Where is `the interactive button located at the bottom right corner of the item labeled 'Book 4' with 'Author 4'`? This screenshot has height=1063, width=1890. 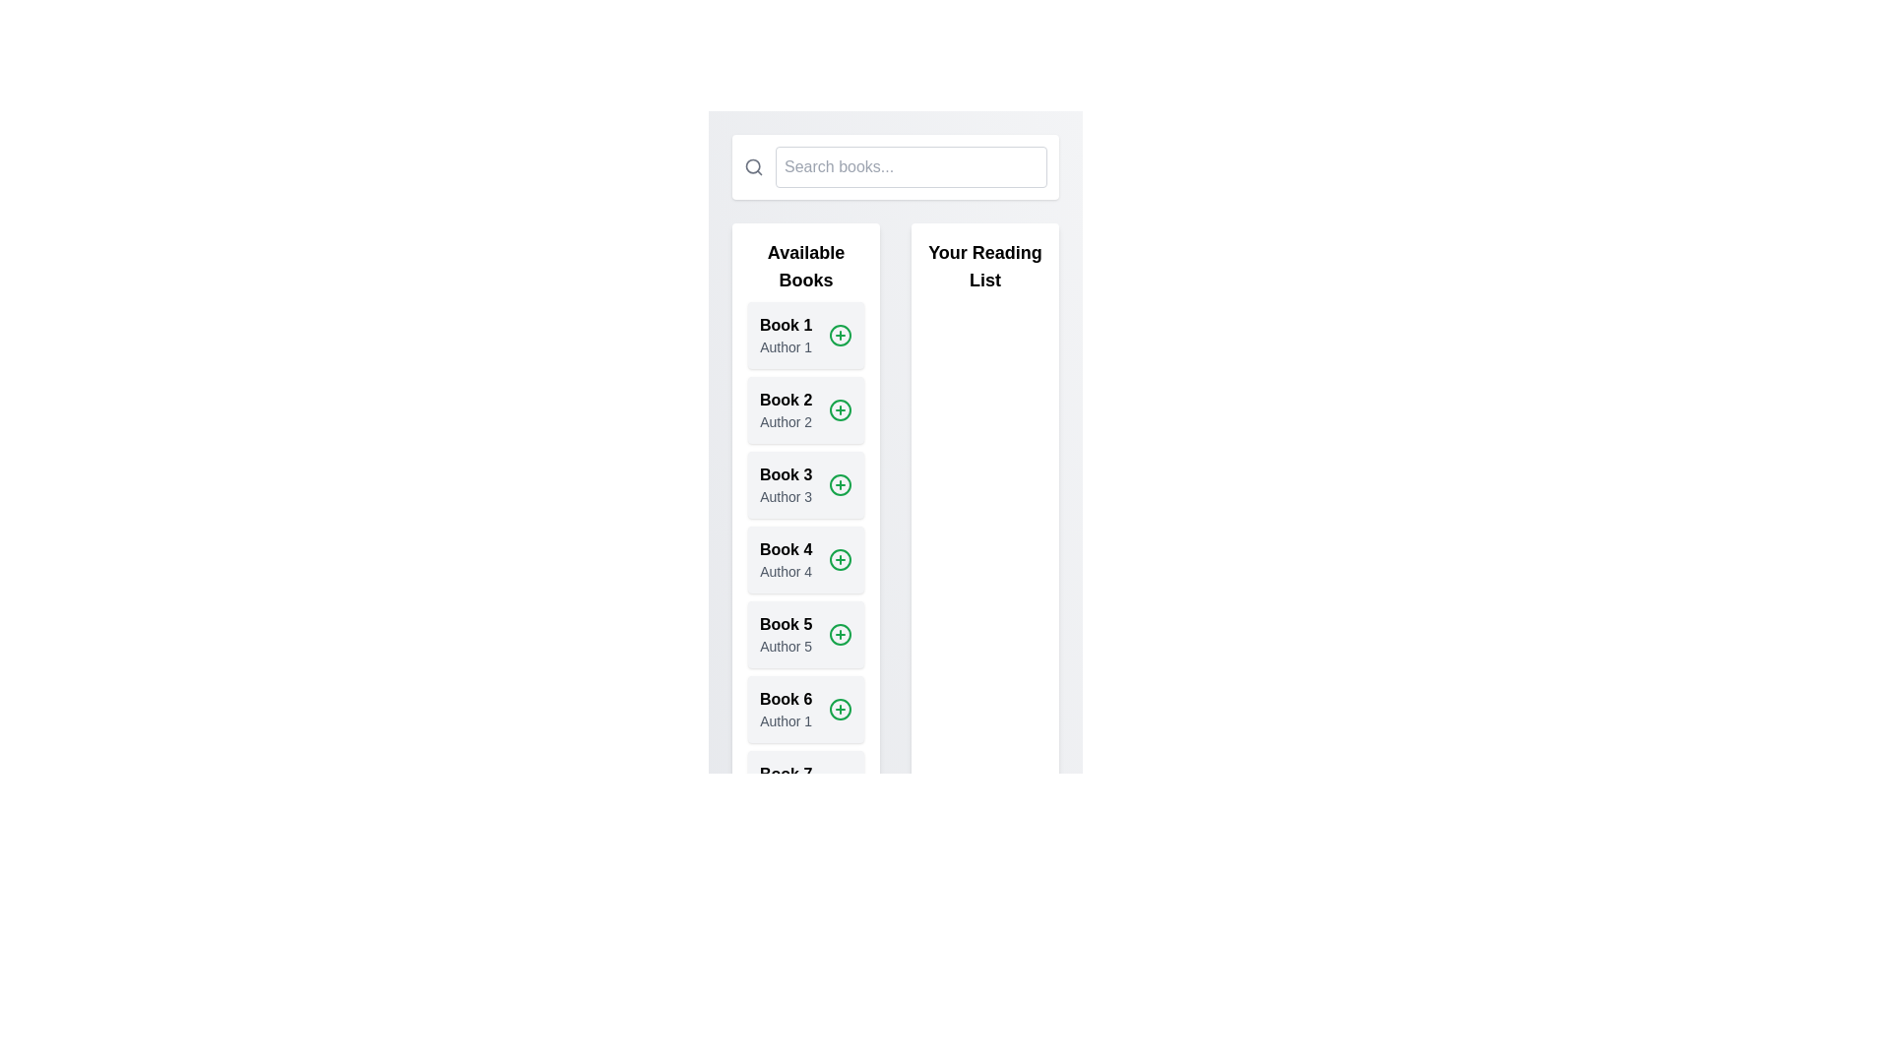
the interactive button located at the bottom right corner of the item labeled 'Book 4' with 'Author 4' is located at coordinates (841, 560).